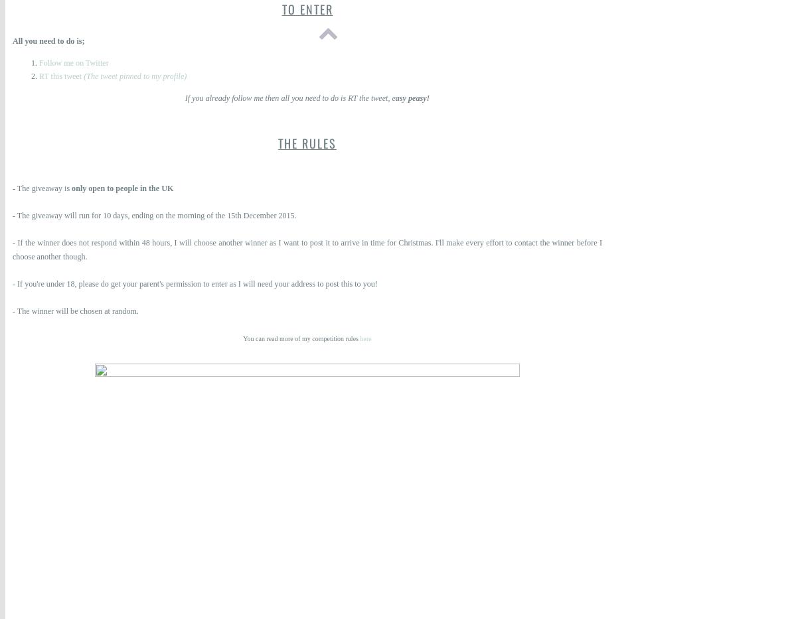 The image size is (802, 619). I want to click on 'The Rules', so click(307, 141).